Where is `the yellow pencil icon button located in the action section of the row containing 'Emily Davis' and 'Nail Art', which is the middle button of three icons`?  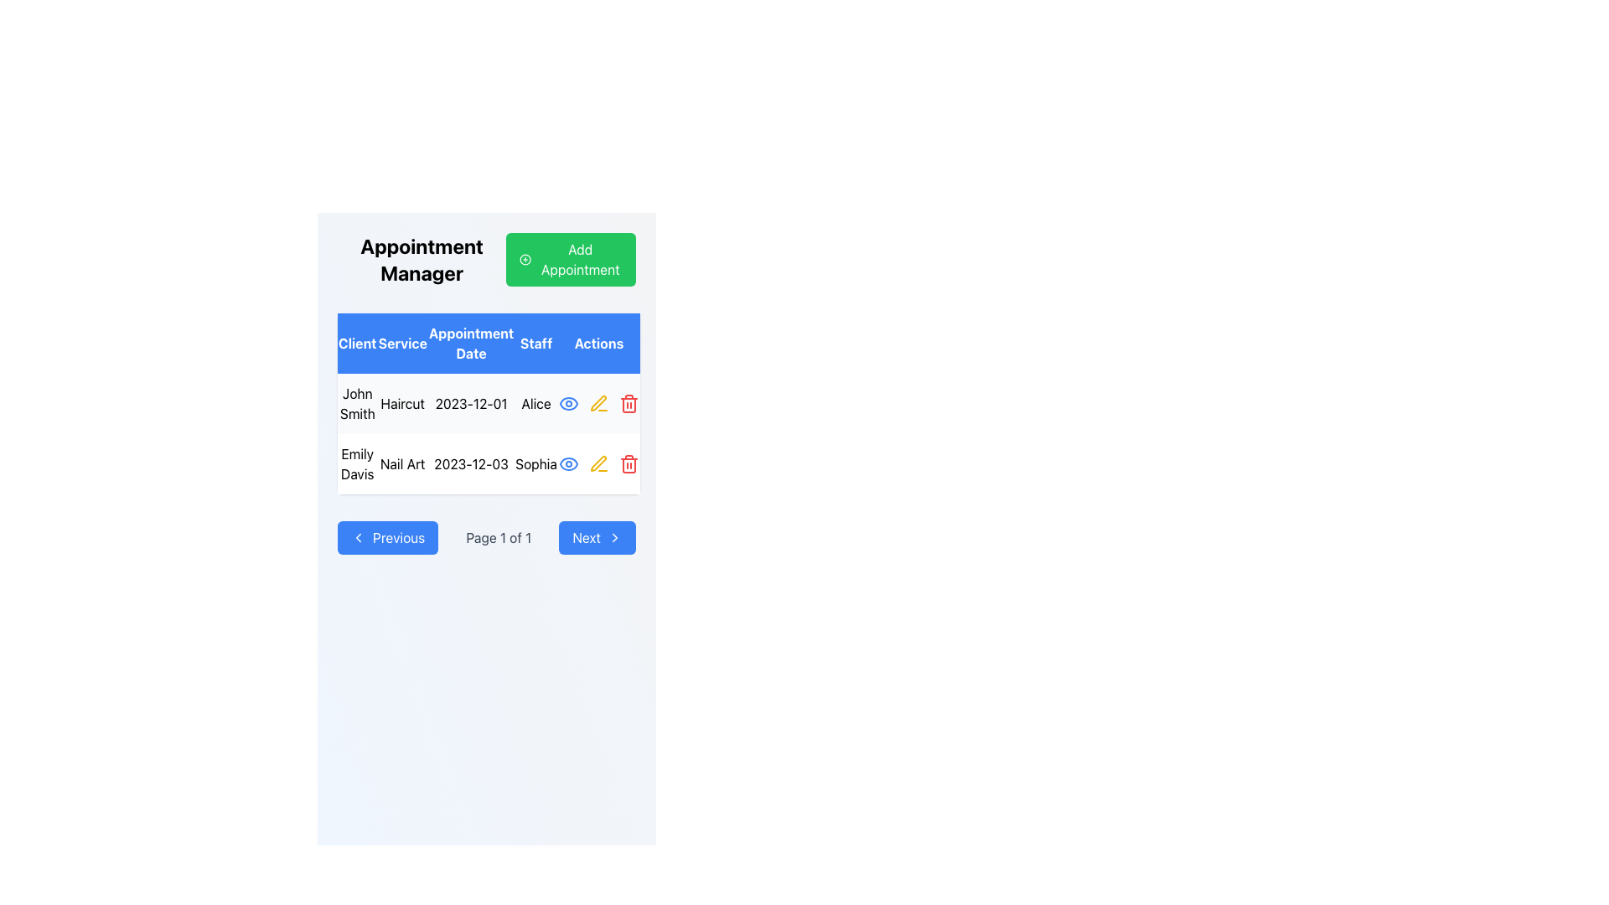 the yellow pencil icon button located in the action section of the row containing 'Emily Davis' and 'Nail Art', which is the middle button of three icons is located at coordinates (598, 464).